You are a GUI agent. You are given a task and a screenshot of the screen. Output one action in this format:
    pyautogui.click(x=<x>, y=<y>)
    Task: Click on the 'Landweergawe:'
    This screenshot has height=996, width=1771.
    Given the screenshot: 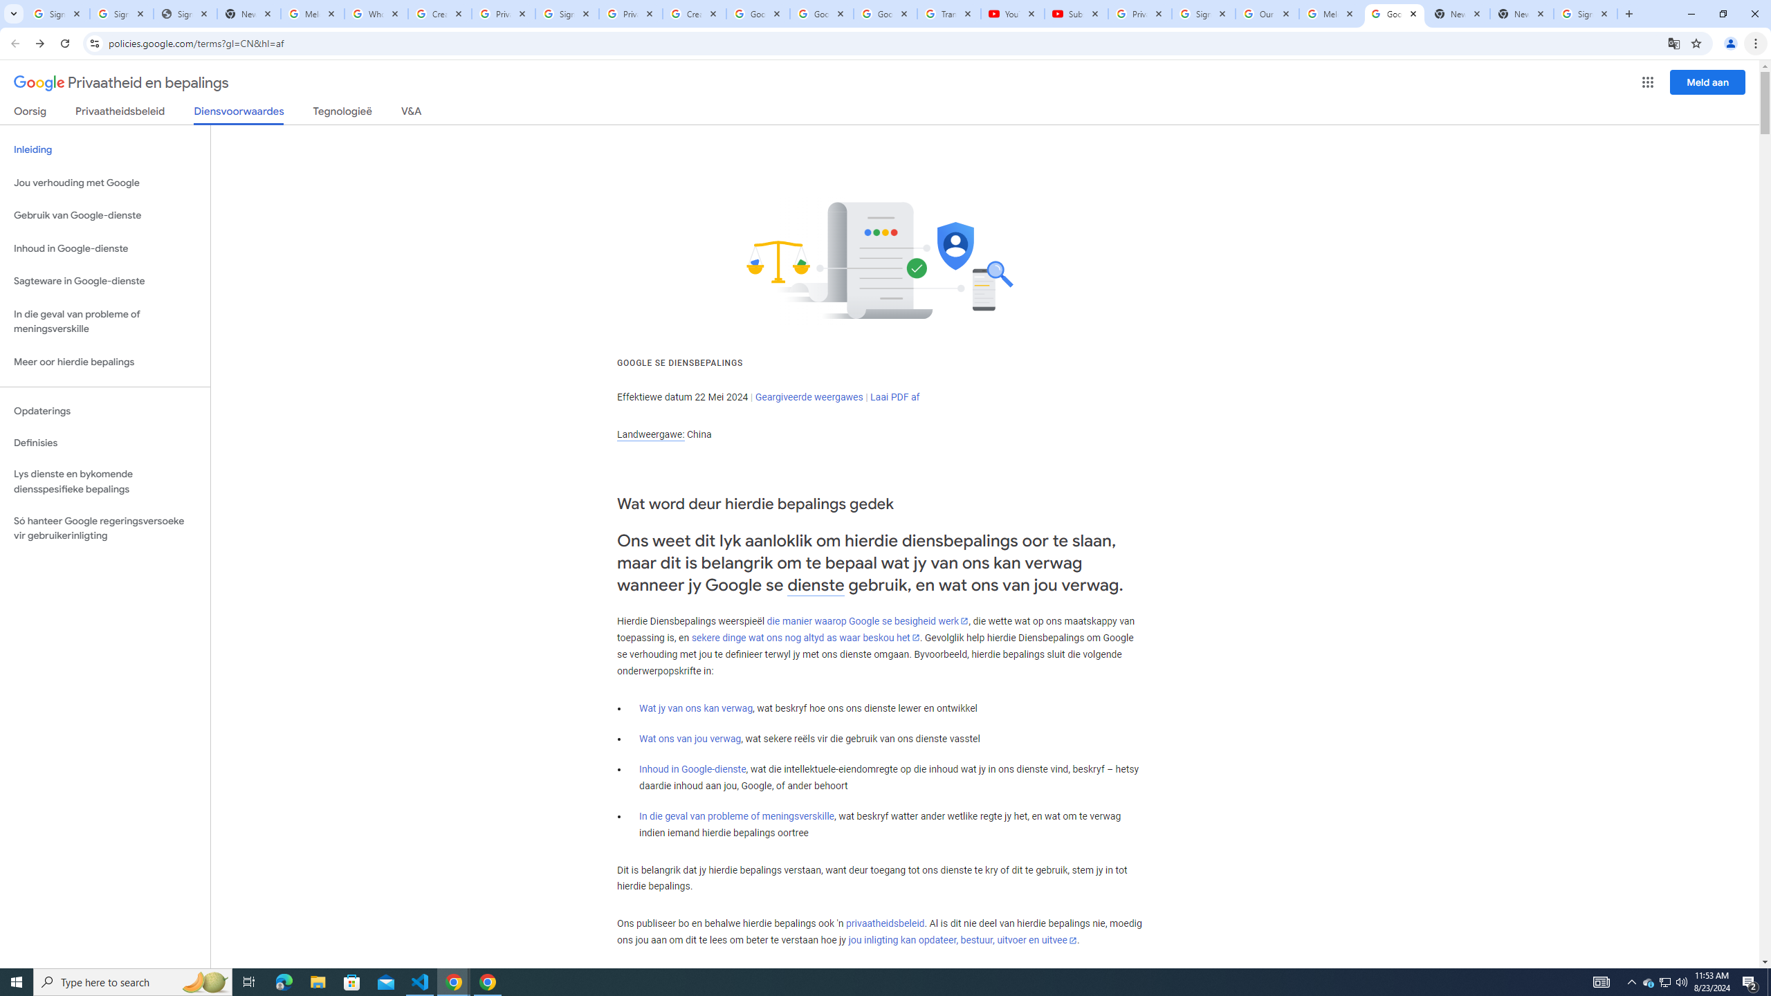 What is the action you would take?
    pyautogui.click(x=650, y=434)
    